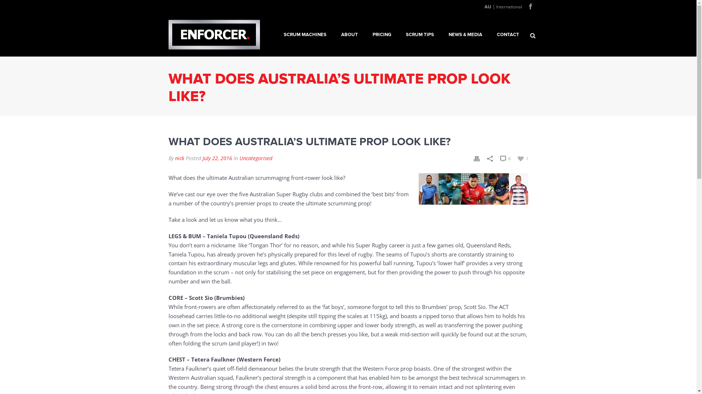 This screenshot has height=394, width=702. Describe the element at coordinates (465, 35) in the screenshot. I see `'NEWS & MEDIA'` at that location.